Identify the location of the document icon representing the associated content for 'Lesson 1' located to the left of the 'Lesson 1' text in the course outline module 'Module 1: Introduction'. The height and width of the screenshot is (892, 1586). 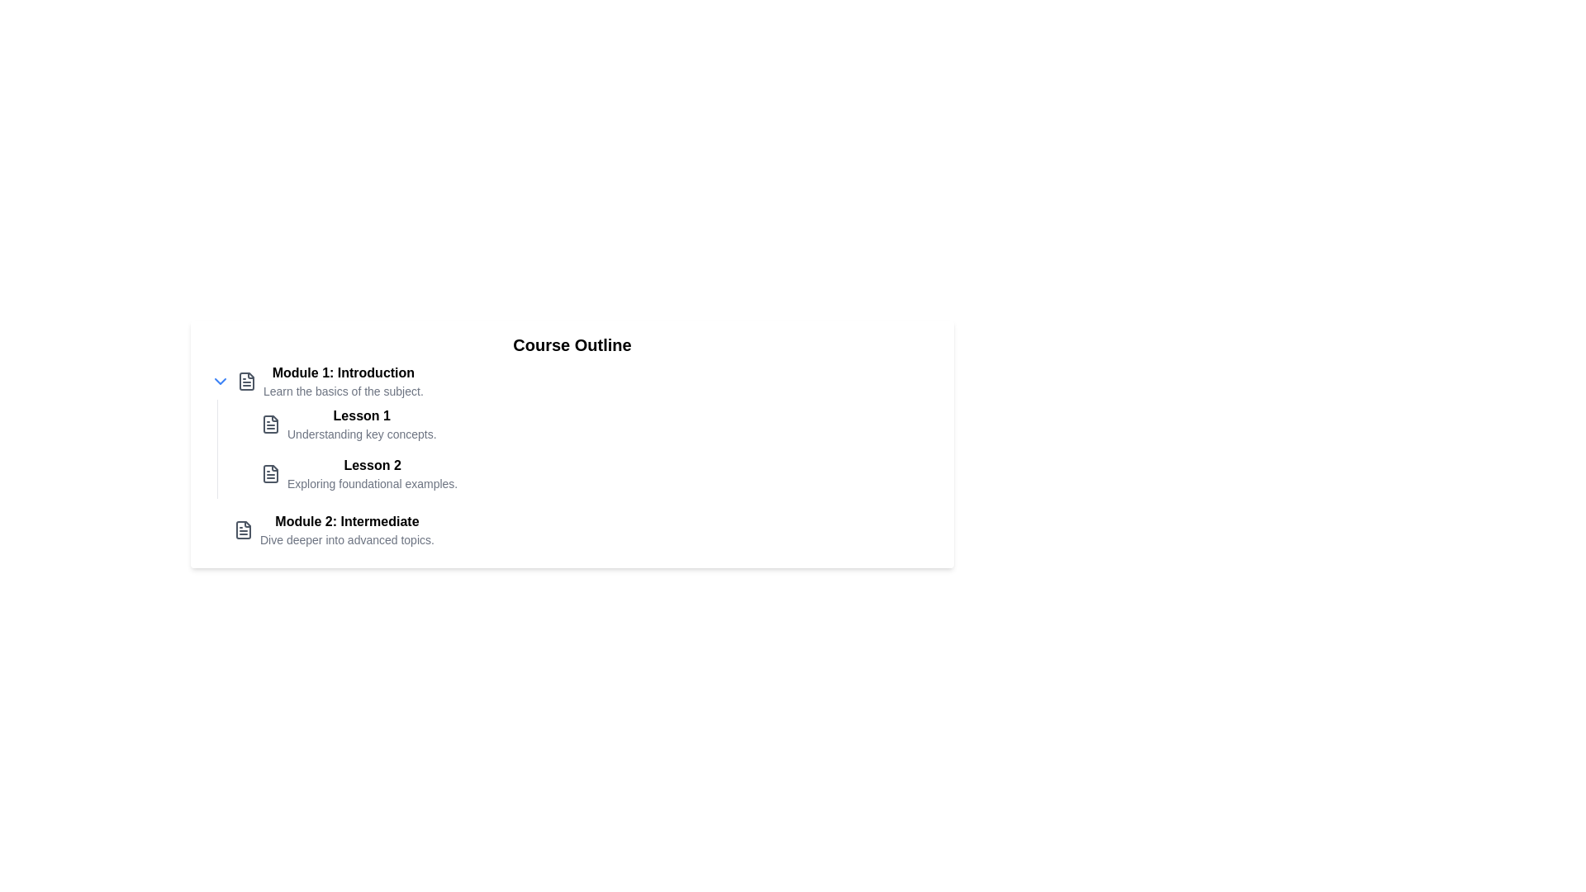
(270, 423).